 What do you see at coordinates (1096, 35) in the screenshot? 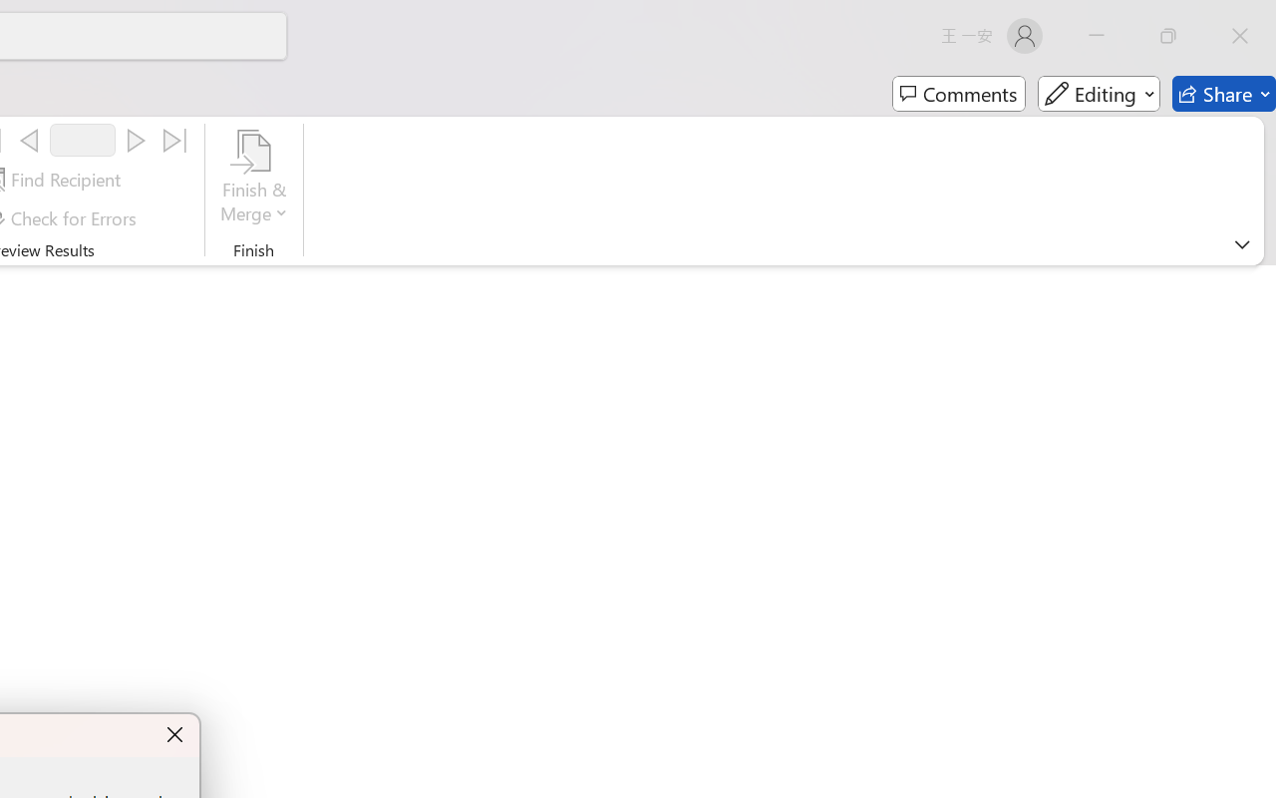
I see `'Minimize'` at bounding box center [1096, 35].